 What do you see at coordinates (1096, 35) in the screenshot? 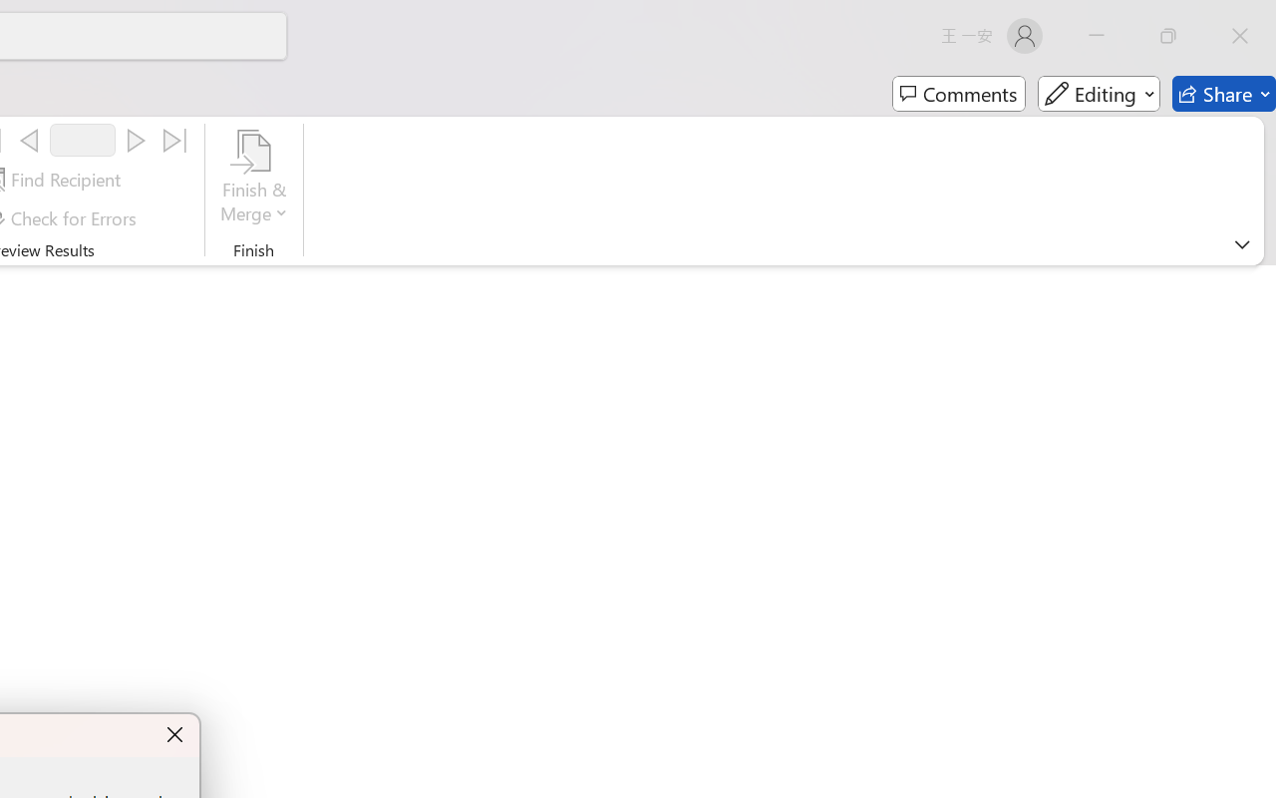
I see `'Minimize'` at bounding box center [1096, 35].